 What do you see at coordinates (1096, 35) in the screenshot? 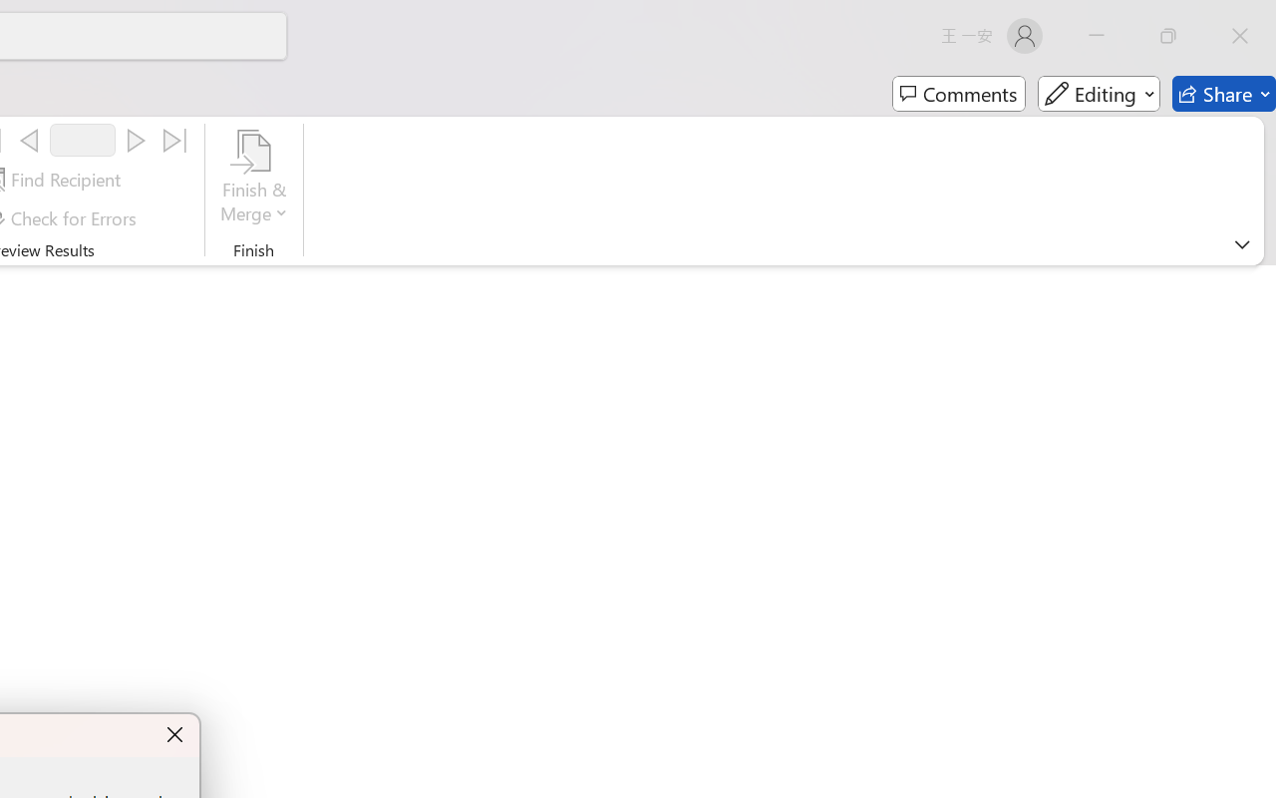
I see `'Minimize'` at bounding box center [1096, 35].